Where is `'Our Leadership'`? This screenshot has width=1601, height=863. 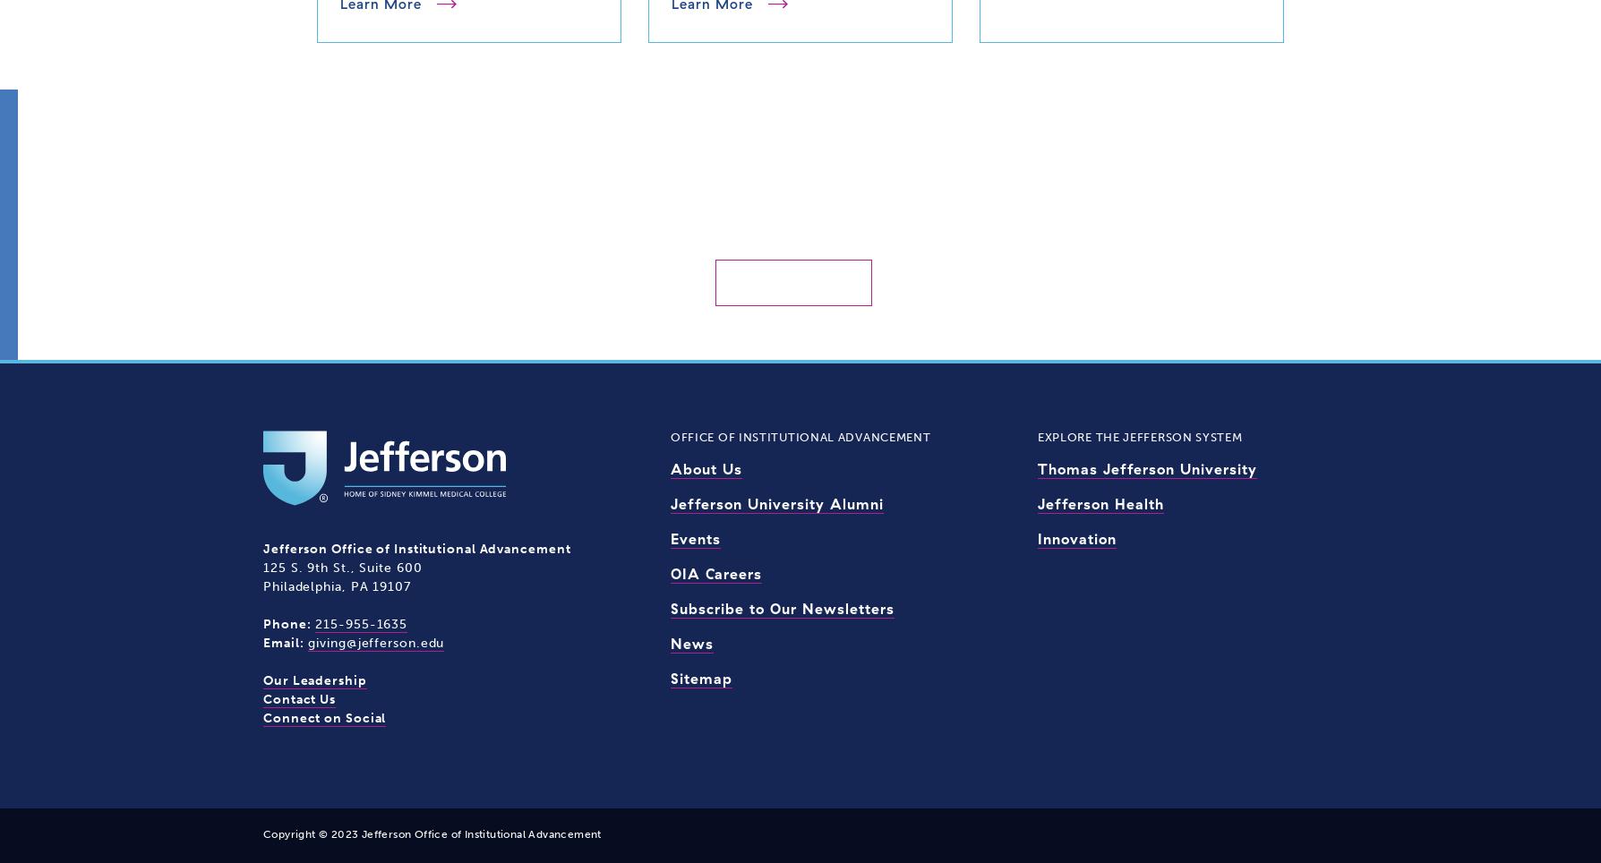 'Our Leadership' is located at coordinates (313, 679).